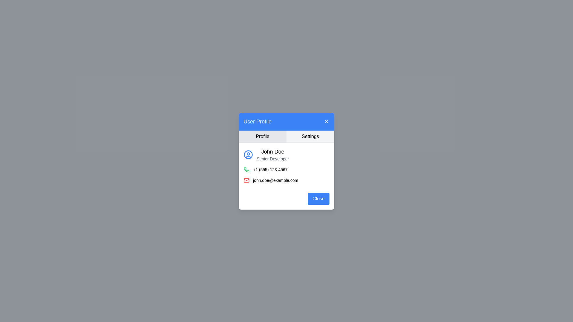 The width and height of the screenshot is (573, 322). What do you see at coordinates (248, 154) in the screenshot?
I see `the largest circular graphic within the user profile icon located at the top-left corner of the user profile card` at bounding box center [248, 154].